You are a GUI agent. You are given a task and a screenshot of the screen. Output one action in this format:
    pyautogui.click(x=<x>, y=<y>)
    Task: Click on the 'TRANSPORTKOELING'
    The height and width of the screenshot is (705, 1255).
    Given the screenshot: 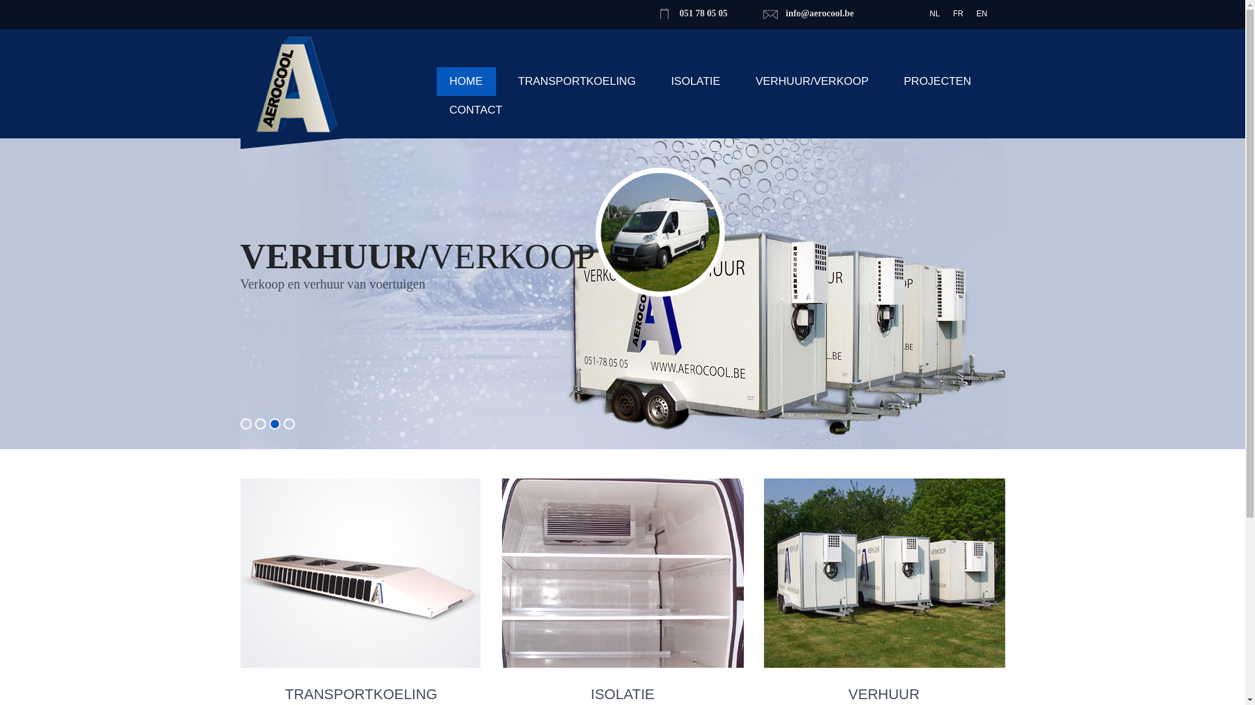 What is the action you would take?
    pyautogui.click(x=504, y=81)
    